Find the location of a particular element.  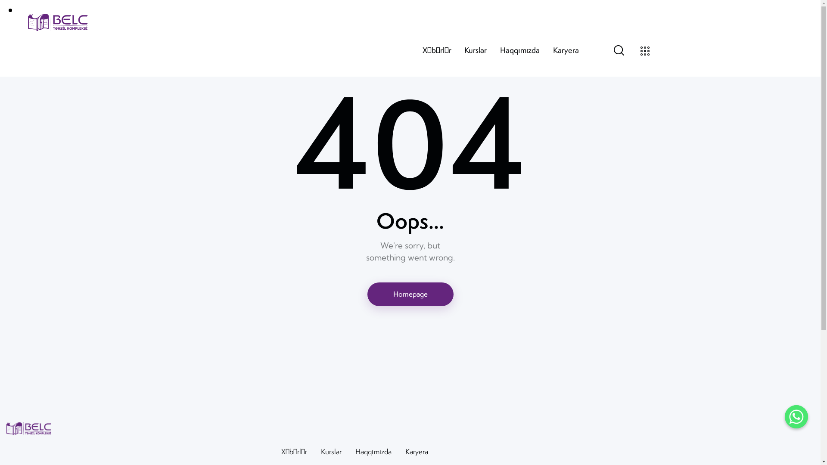

'Kurslar' is located at coordinates (475, 50).